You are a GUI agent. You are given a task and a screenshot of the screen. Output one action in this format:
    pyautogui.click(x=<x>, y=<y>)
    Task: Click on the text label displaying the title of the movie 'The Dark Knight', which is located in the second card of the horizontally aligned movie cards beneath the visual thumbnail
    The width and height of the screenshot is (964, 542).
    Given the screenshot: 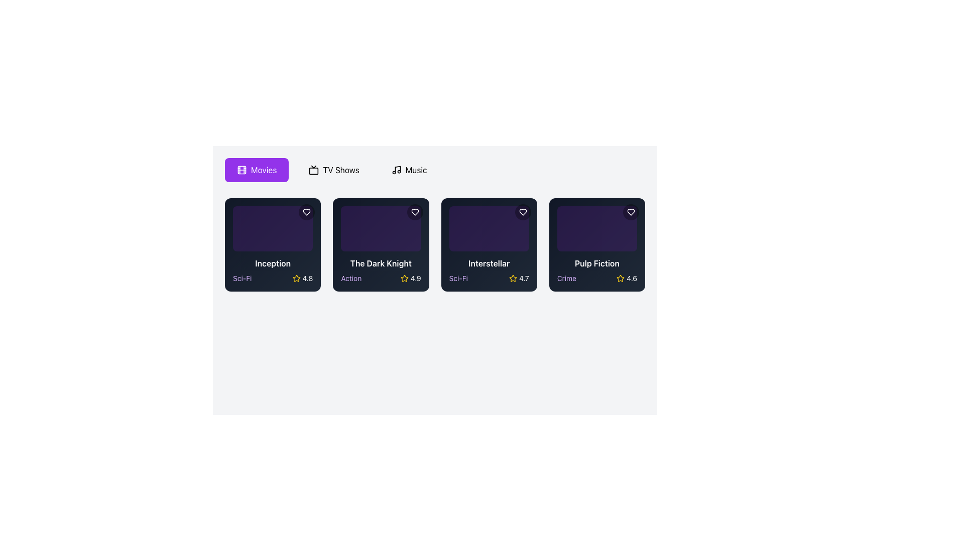 What is the action you would take?
    pyautogui.click(x=380, y=262)
    